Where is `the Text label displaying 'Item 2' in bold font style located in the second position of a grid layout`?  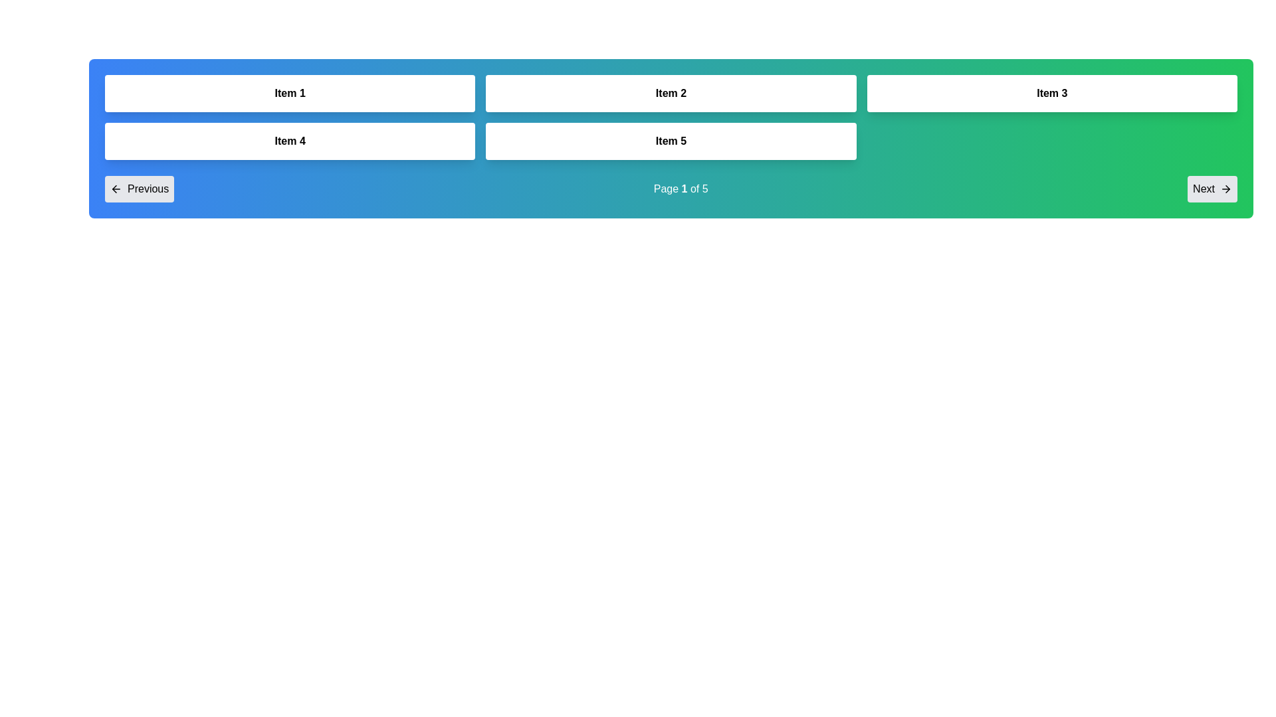 the Text label displaying 'Item 2' in bold font style located in the second position of a grid layout is located at coordinates (671, 93).